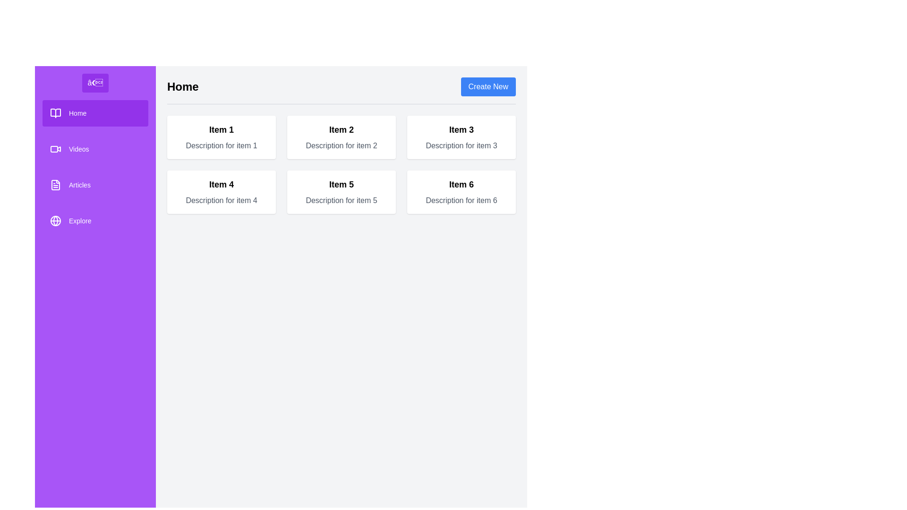 This screenshot has height=510, width=907. Describe the element at coordinates (79, 185) in the screenshot. I see `the text label that says 'Articles' located in the left-side navigation panel, which is the third item in a vertical list of components` at that location.